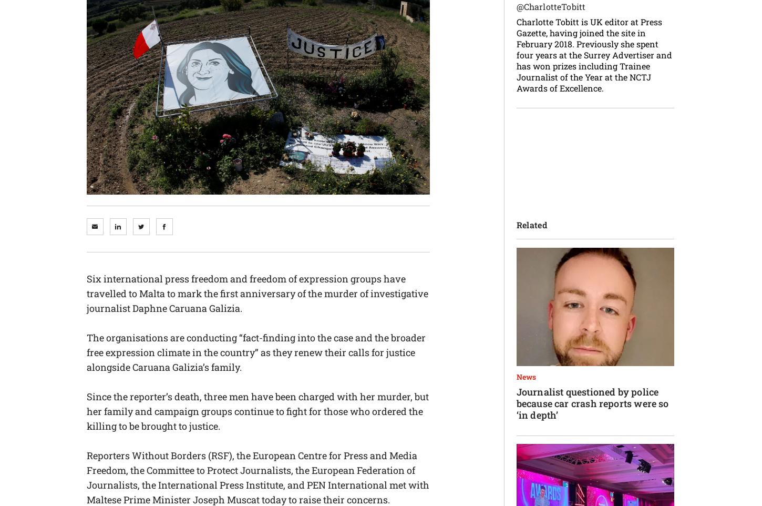 The image size is (762, 506). Describe the element at coordinates (114, 65) in the screenshot. I see `'pged@pressgazette.co.uk'` at that location.